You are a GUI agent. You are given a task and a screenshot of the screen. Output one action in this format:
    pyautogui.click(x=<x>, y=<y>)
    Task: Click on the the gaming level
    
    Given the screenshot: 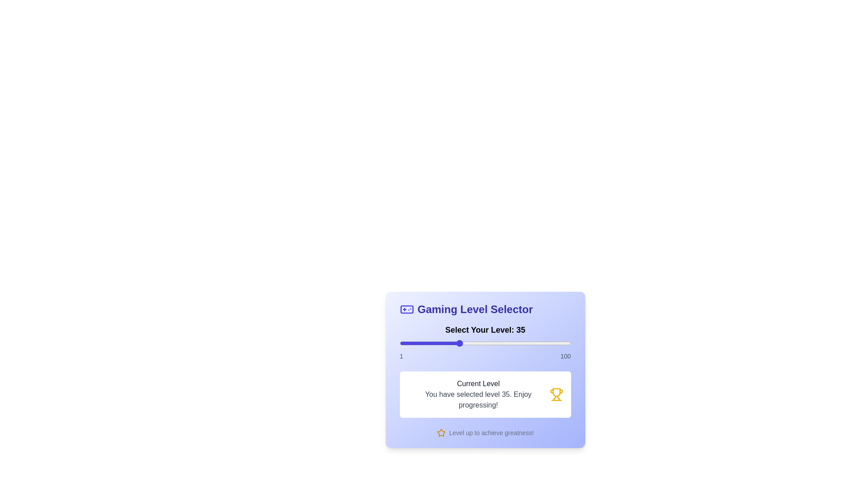 What is the action you would take?
    pyautogui.click(x=555, y=343)
    